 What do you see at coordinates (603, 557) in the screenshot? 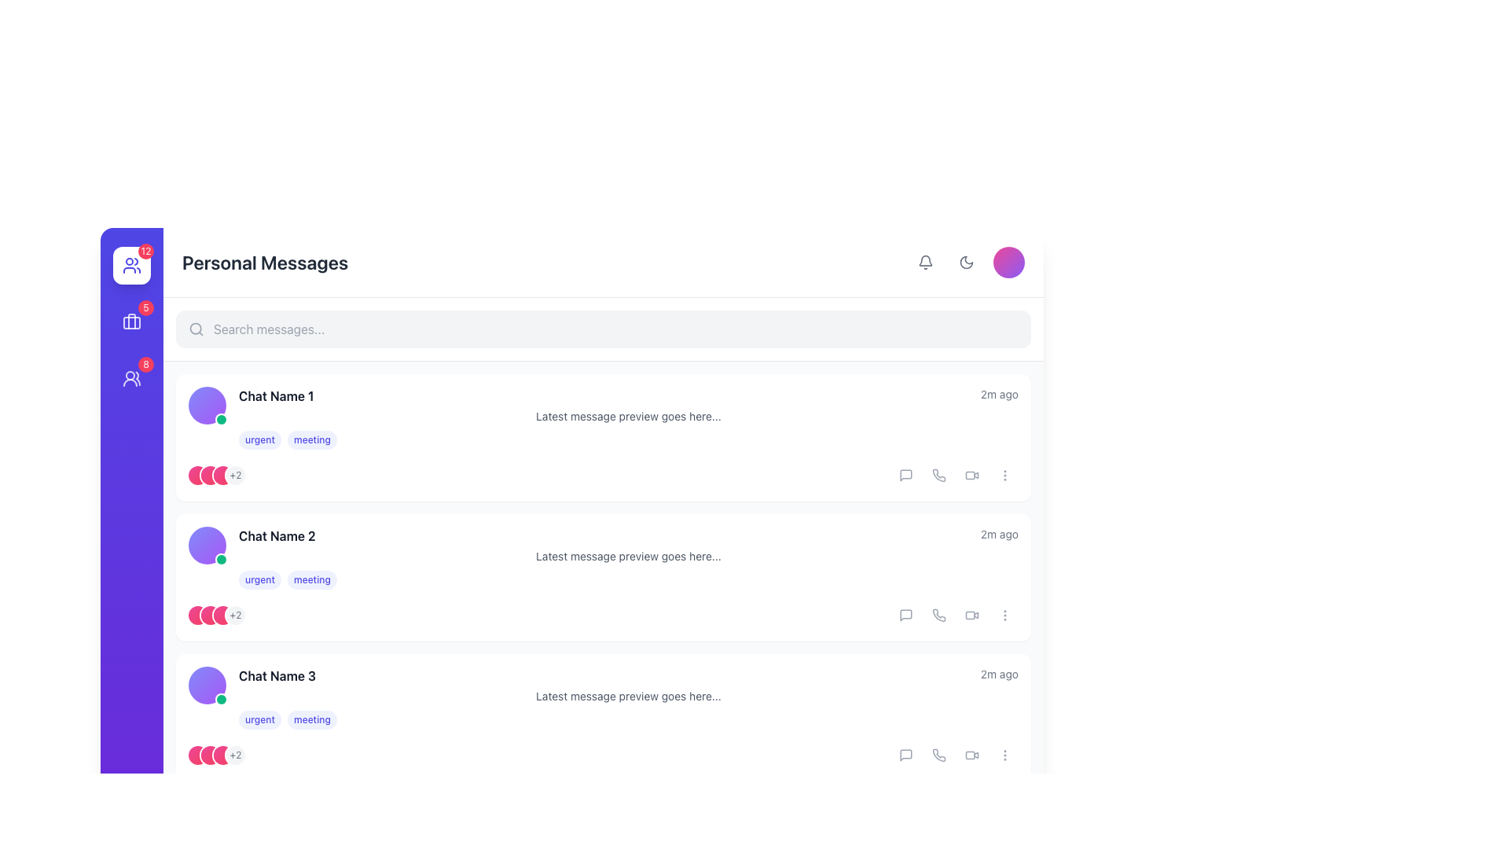
I see `the message preview displaying 'Chat Name 2'` at bounding box center [603, 557].